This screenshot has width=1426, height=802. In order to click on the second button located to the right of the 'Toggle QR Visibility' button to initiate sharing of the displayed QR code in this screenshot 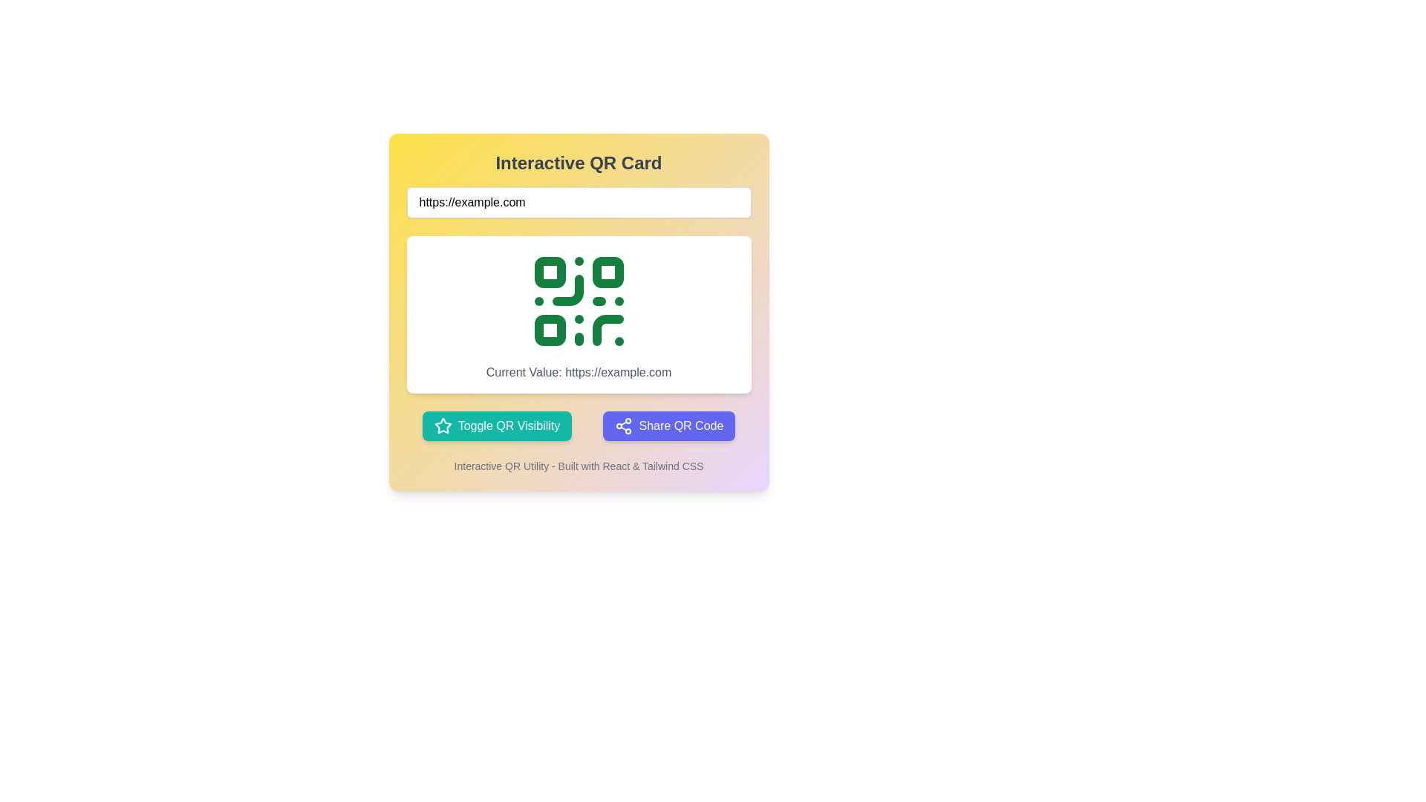, I will do `click(668, 426)`.